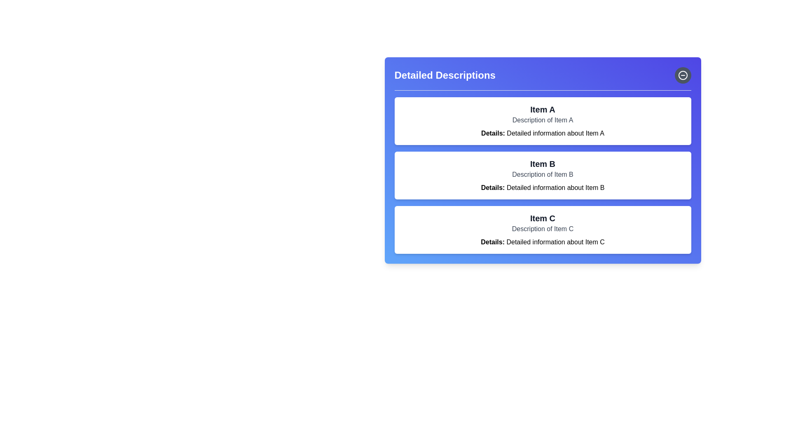  I want to click on the 'minus' icon located at the top-right corner of the blue header panel, so click(683, 75).